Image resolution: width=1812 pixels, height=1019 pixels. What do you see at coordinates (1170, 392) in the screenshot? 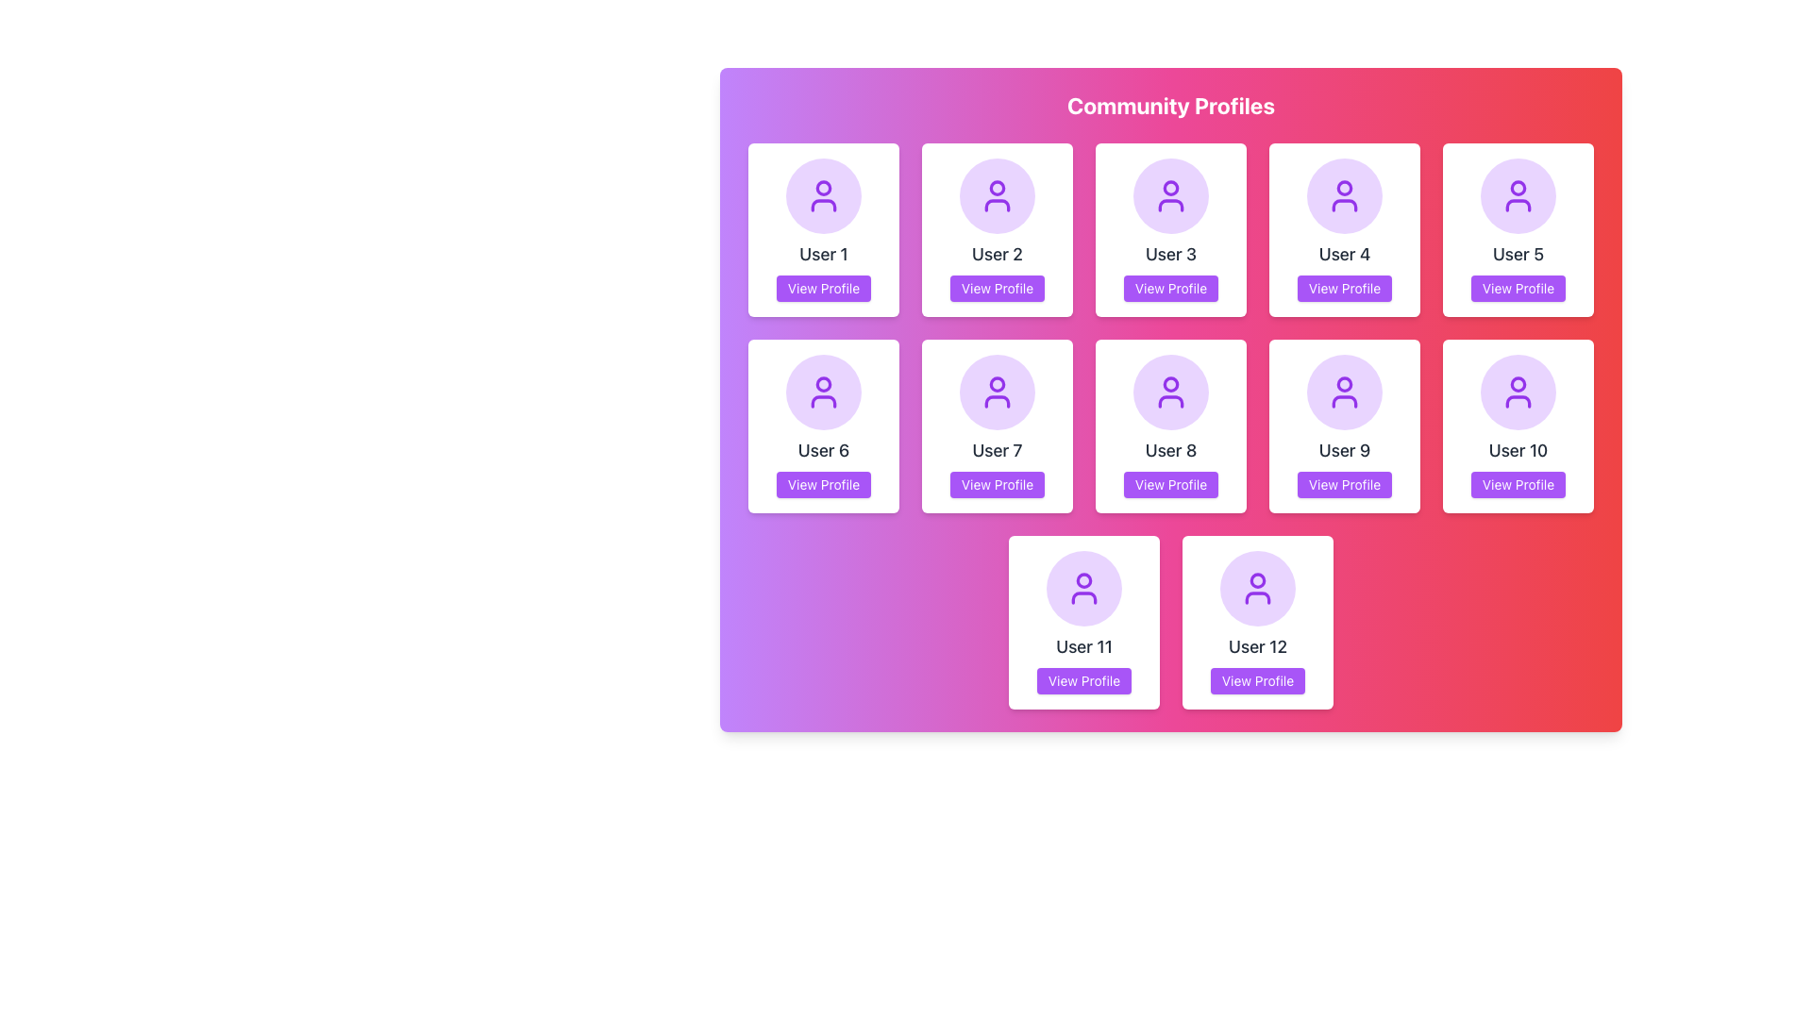
I see `the circular avatar placeholder icon with a purple background and minimalist user symbol, associated with the user profile labeled 'User 8'` at bounding box center [1170, 392].